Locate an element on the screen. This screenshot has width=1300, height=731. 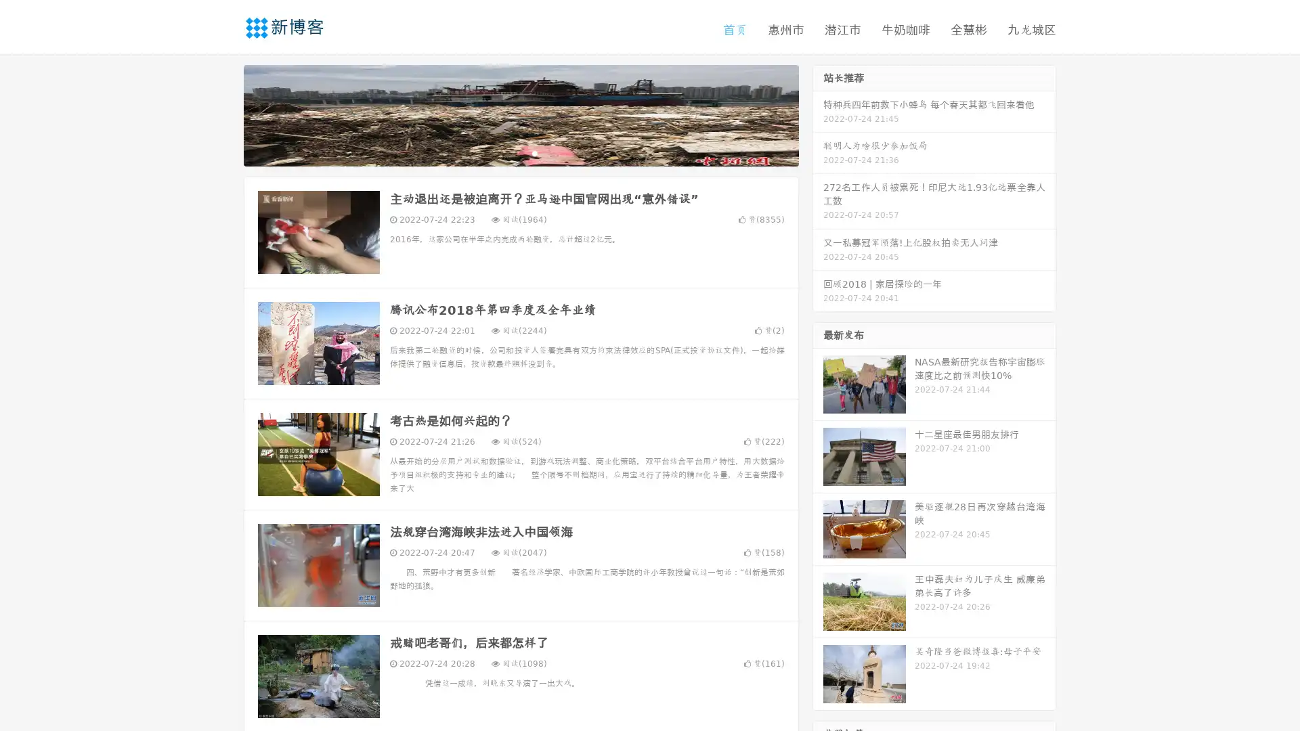
Previous slide is located at coordinates (223, 114).